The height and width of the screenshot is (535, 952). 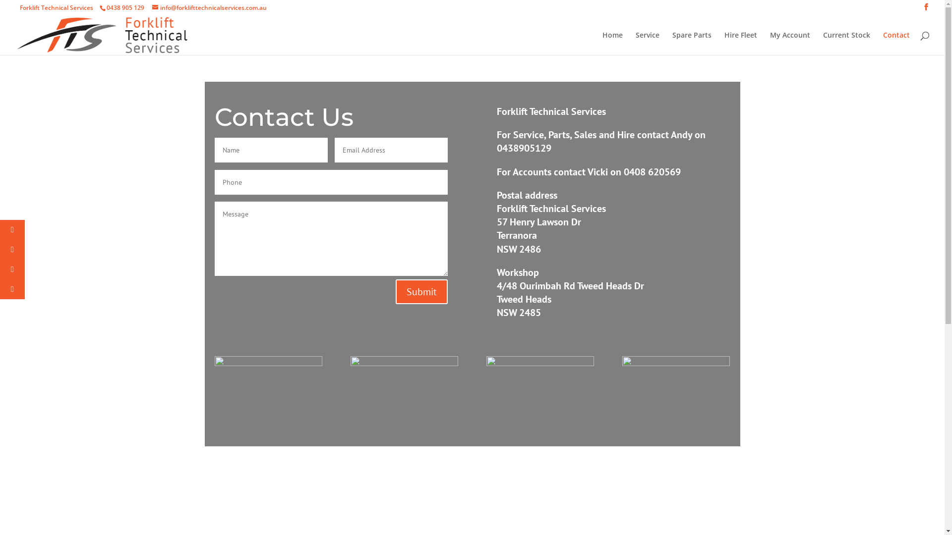 What do you see at coordinates (846, 43) in the screenshot?
I see `'Current Stock'` at bounding box center [846, 43].